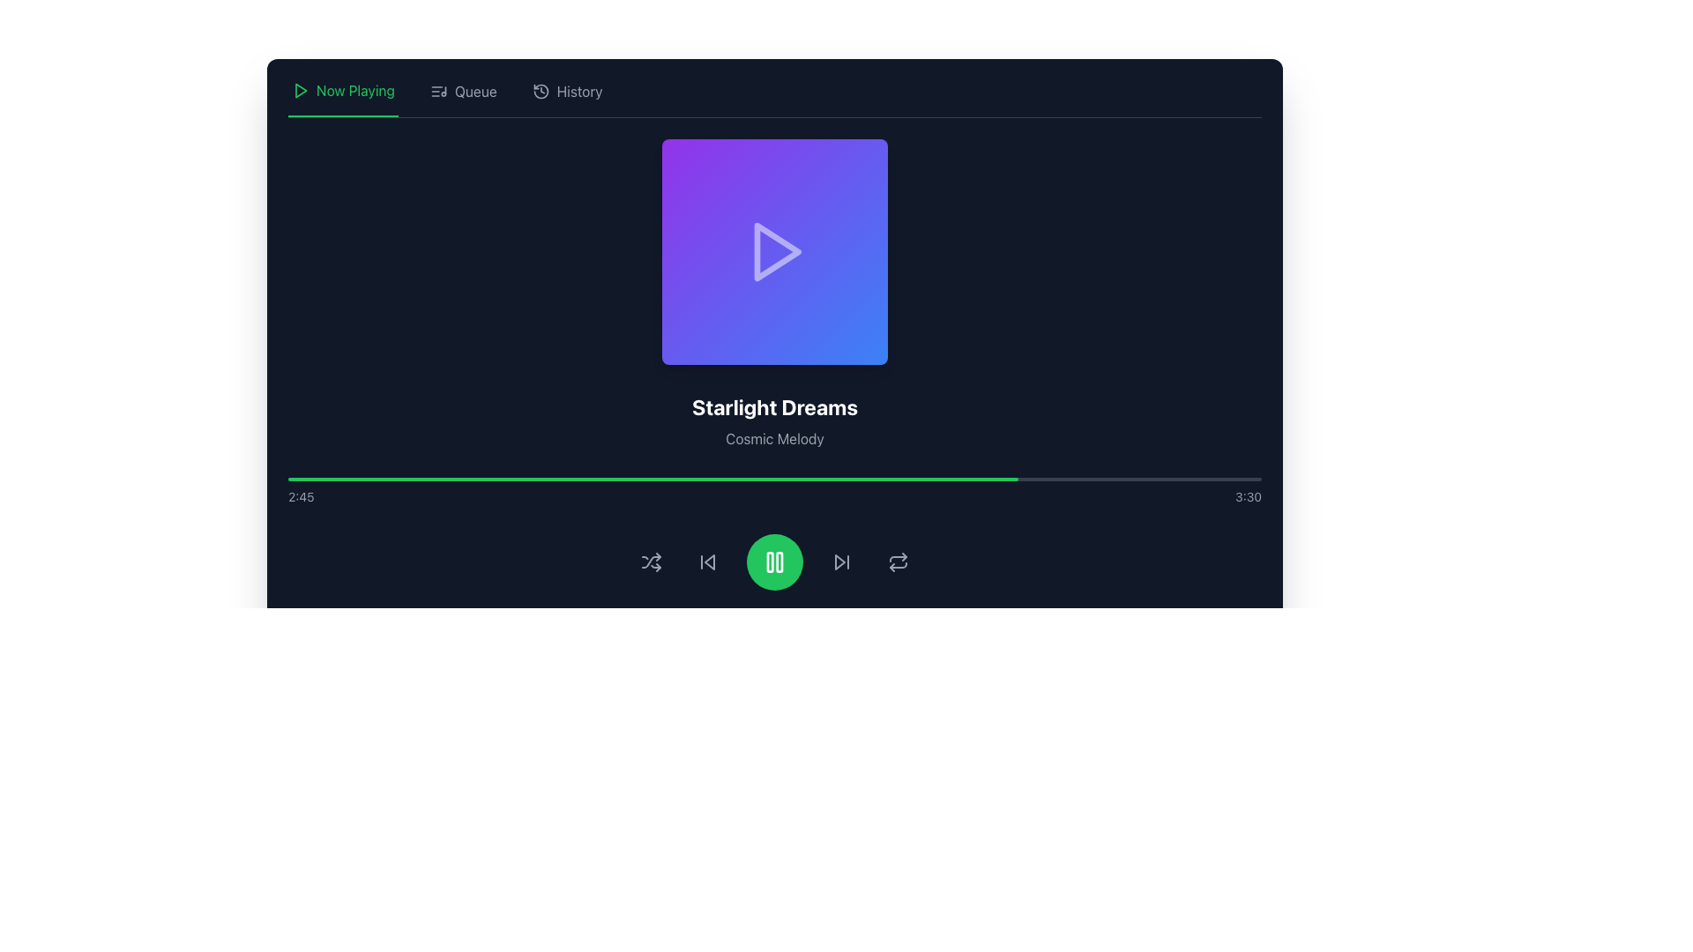 This screenshot has width=1693, height=952. What do you see at coordinates (774, 421) in the screenshot?
I see `the text-based informational element that displays the current title and subtitle, located below the media thumbnail and above the progress bar` at bounding box center [774, 421].